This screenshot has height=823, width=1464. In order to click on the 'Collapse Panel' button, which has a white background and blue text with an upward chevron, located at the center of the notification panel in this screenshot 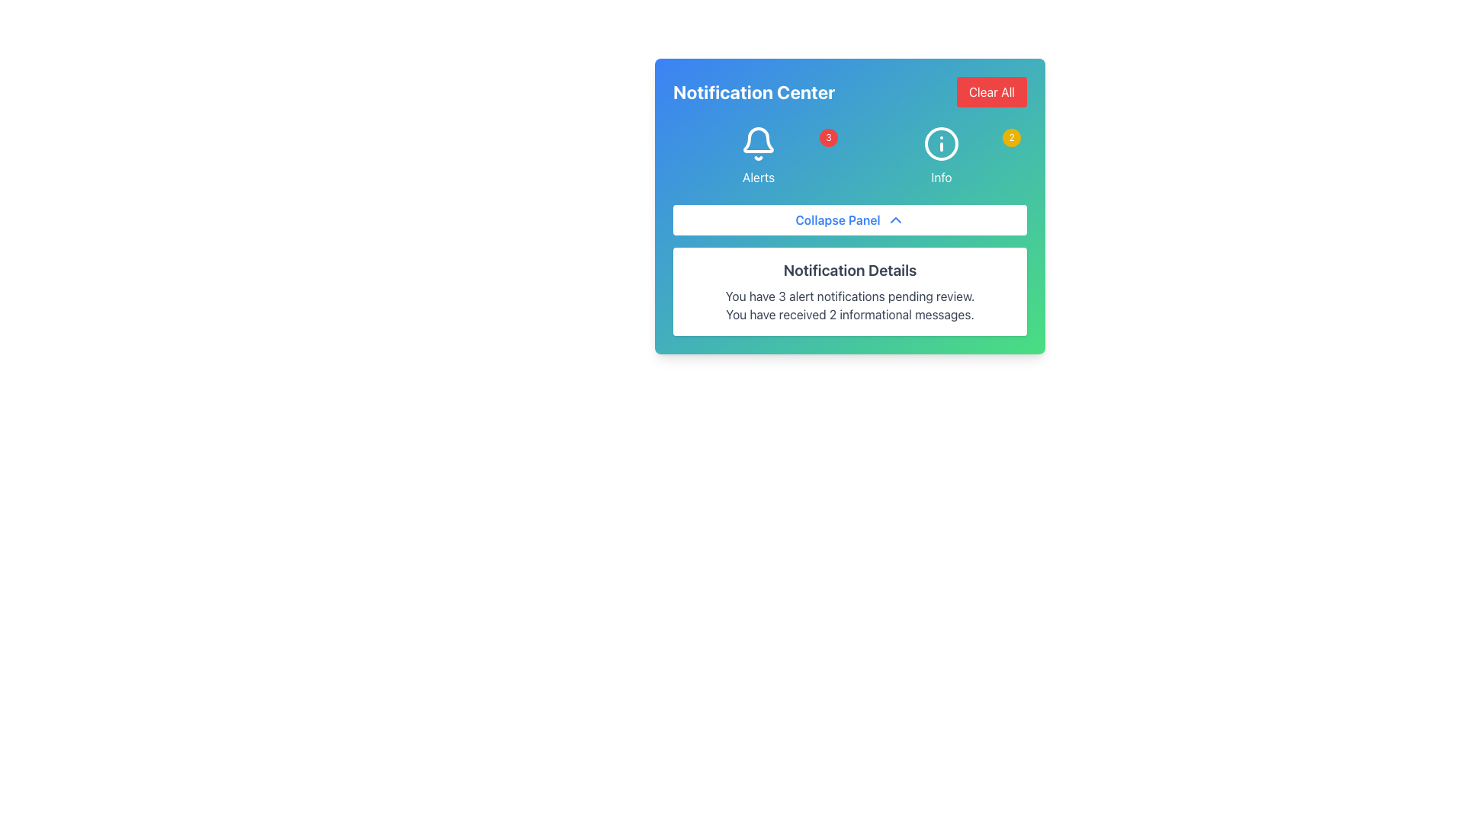, I will do `click(849, 206)`.